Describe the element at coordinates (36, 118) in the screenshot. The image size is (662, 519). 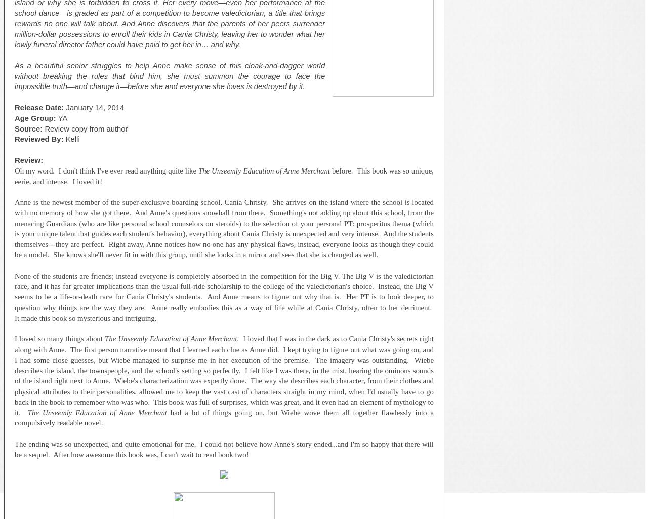
I see `'Age Group:'` at that location.